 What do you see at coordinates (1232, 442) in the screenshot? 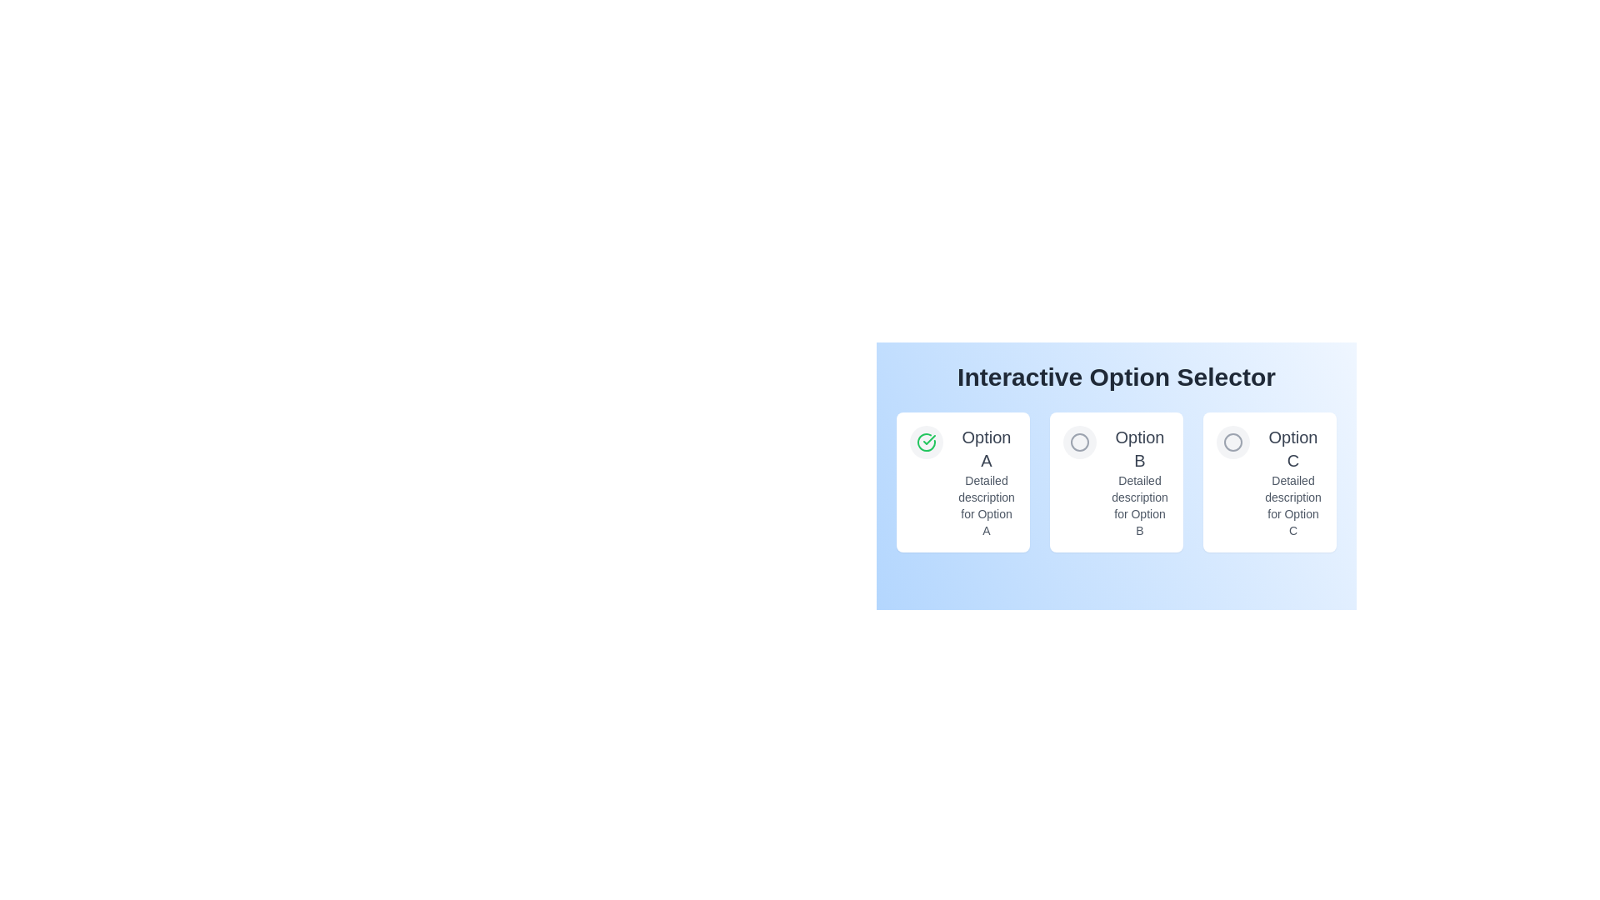
I see `the circular radio button within the 'Option C' card of the 'Interactive Option Selector' interface for visual feedback` at bounding box center [1232, 442].